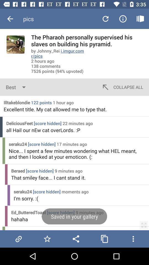 This screenshot has height=265, width=149. What do you see at coordinates (104, 239) in the screenshot?
I see `the copy icon` at bounding box center [104, 239].